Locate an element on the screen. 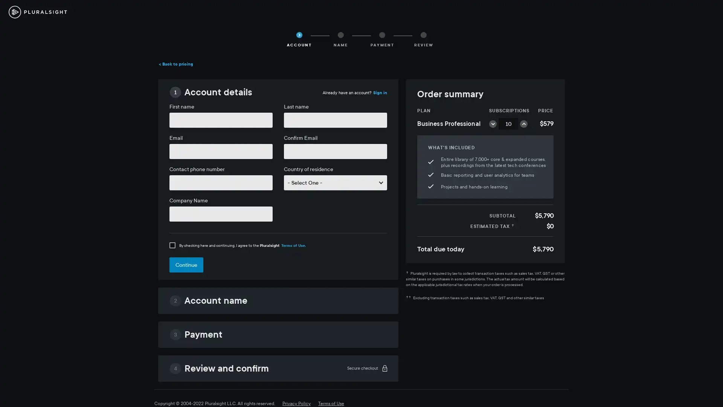  Continue is located at coordinates (186, 264).